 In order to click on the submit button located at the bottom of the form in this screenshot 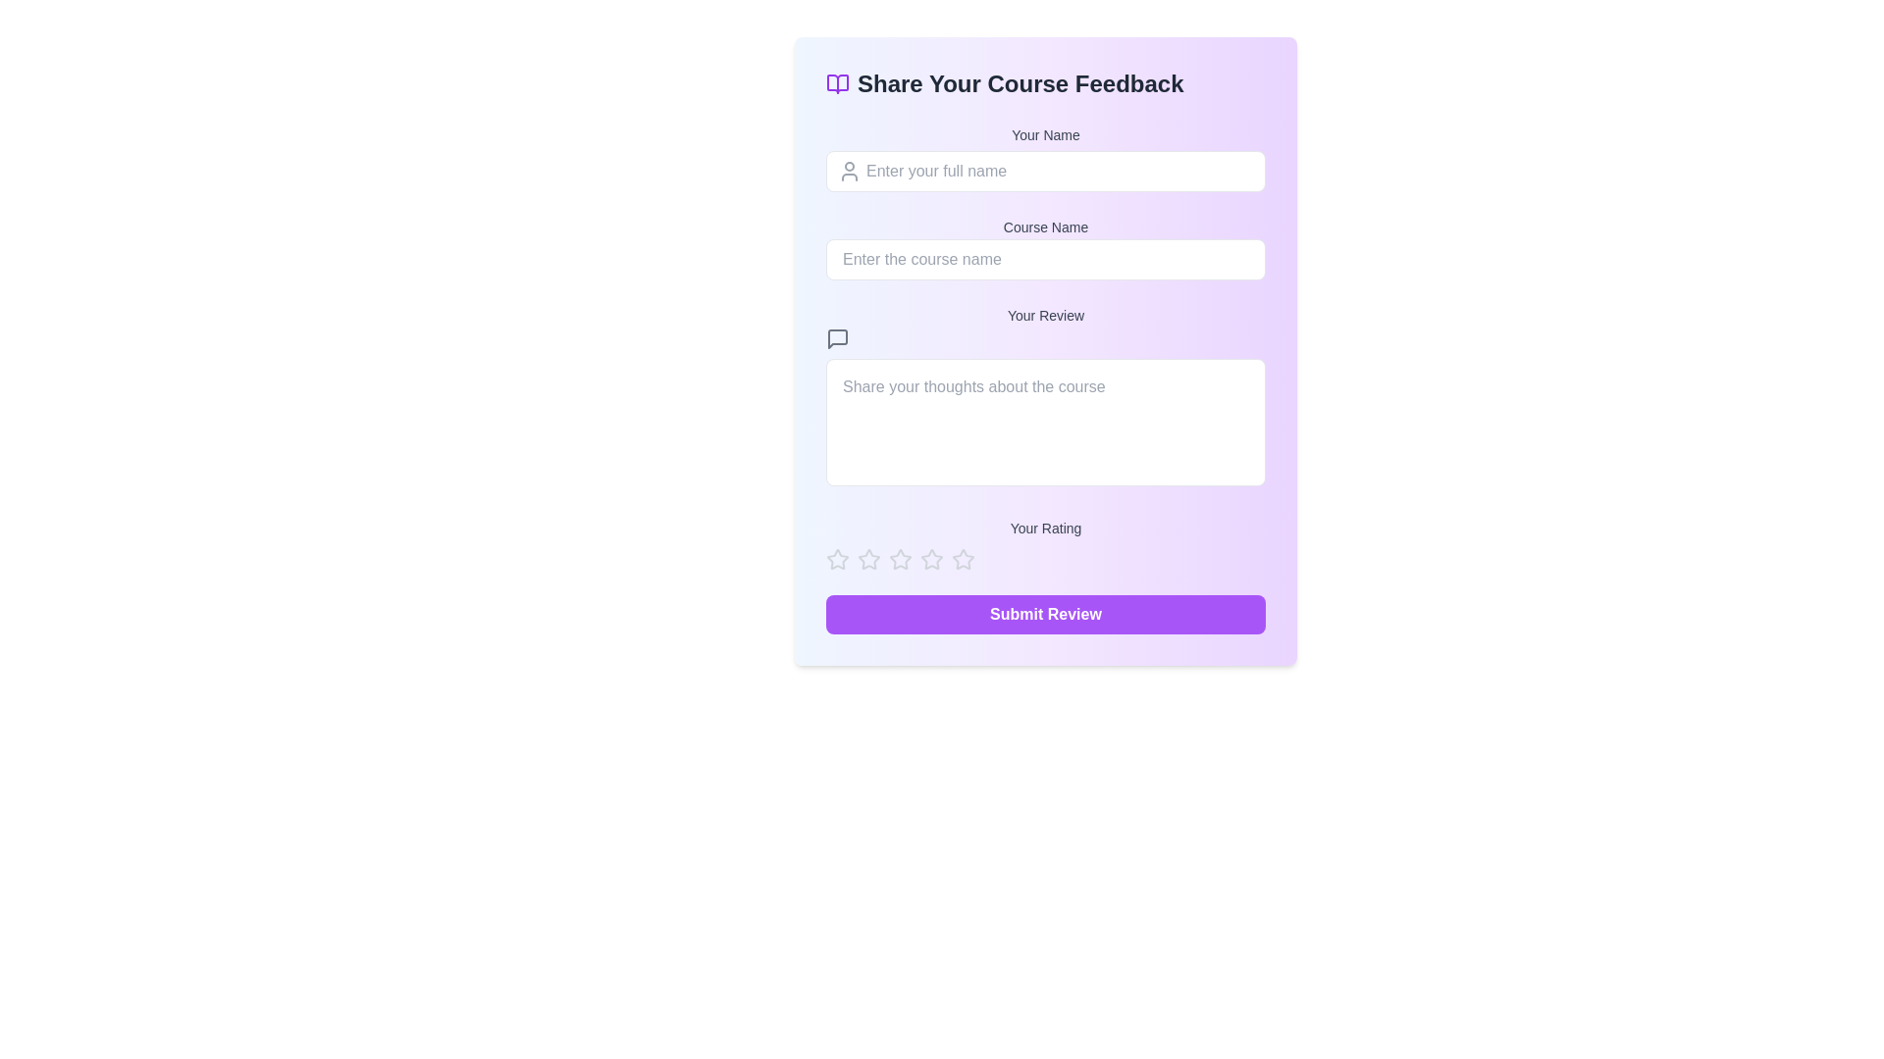, I will do `click(1044, 614)`.